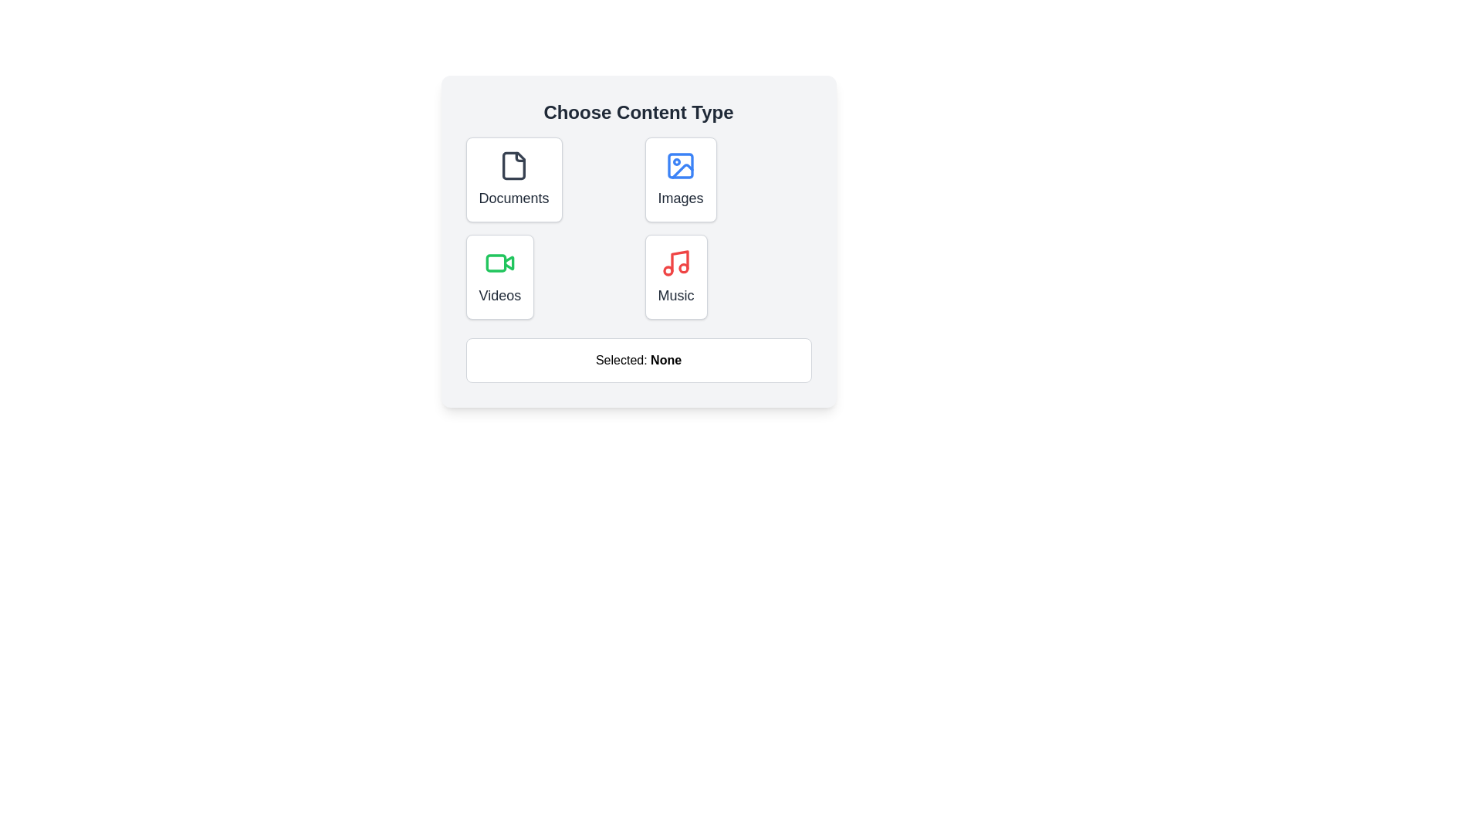  Describe the element at coordinates (675, 276) in the screenshot. I see `the button labeled 'Music' to observe its hover effect` at that location.